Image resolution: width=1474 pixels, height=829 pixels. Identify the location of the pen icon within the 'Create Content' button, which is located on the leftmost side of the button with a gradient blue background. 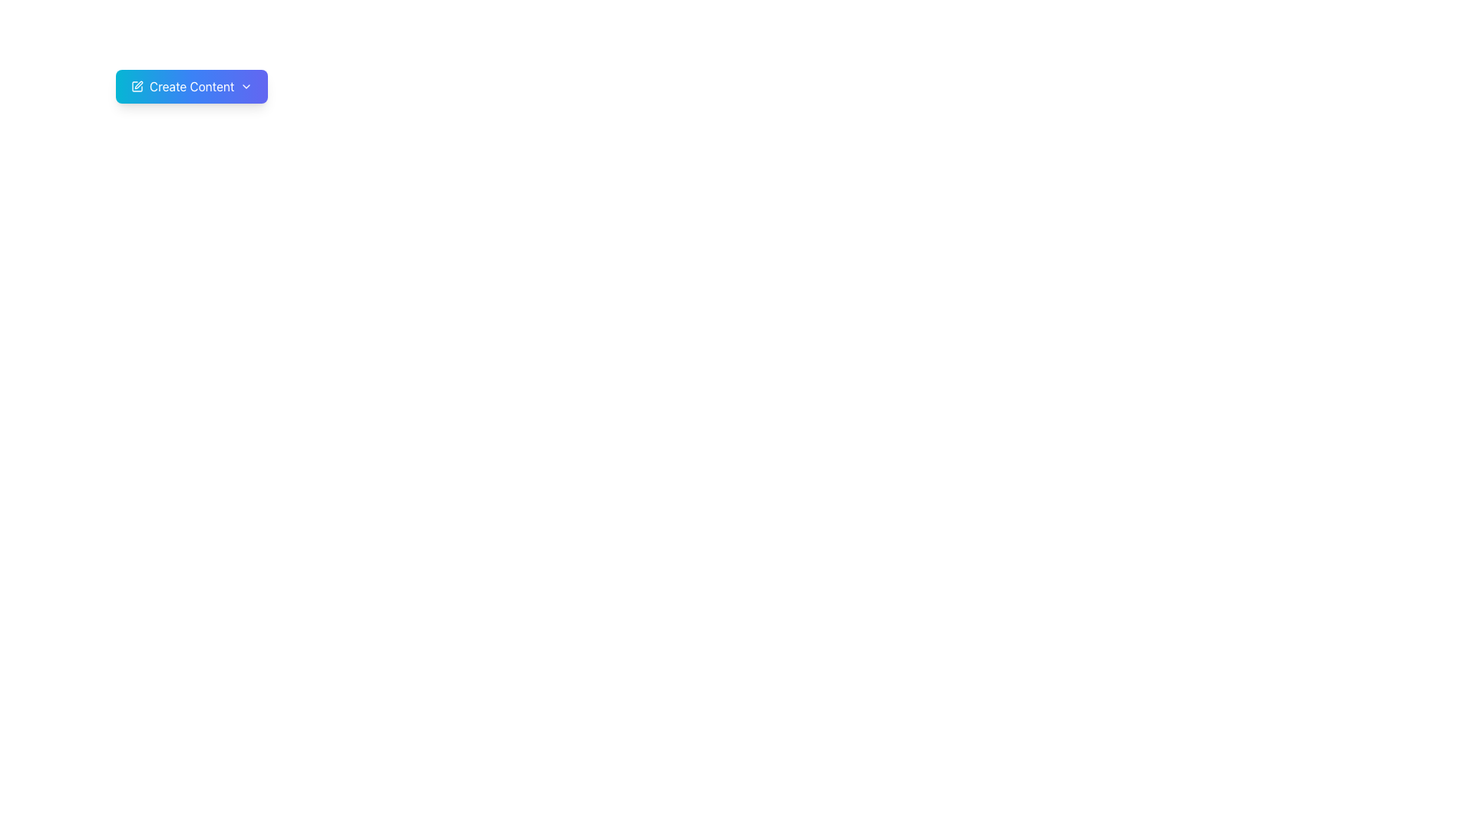
(137, 86).